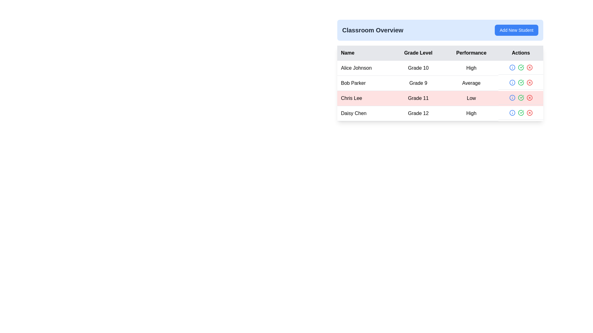 The height and width of the screenshot is (333, 593). I want to click on the Icon button located on the far right of the last row in the 'Actions' column of the table to observe potential tooltips or styling changes, so click(529, 113).